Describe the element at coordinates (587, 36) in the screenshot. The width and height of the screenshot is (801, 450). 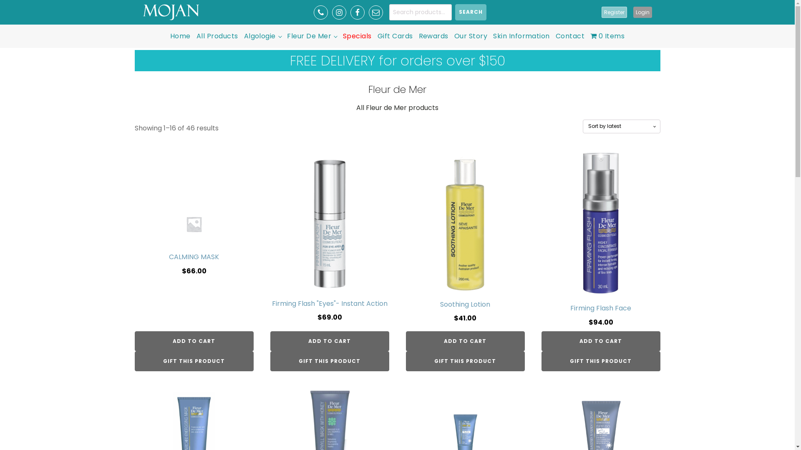
I see `'0 Items'` at that location.